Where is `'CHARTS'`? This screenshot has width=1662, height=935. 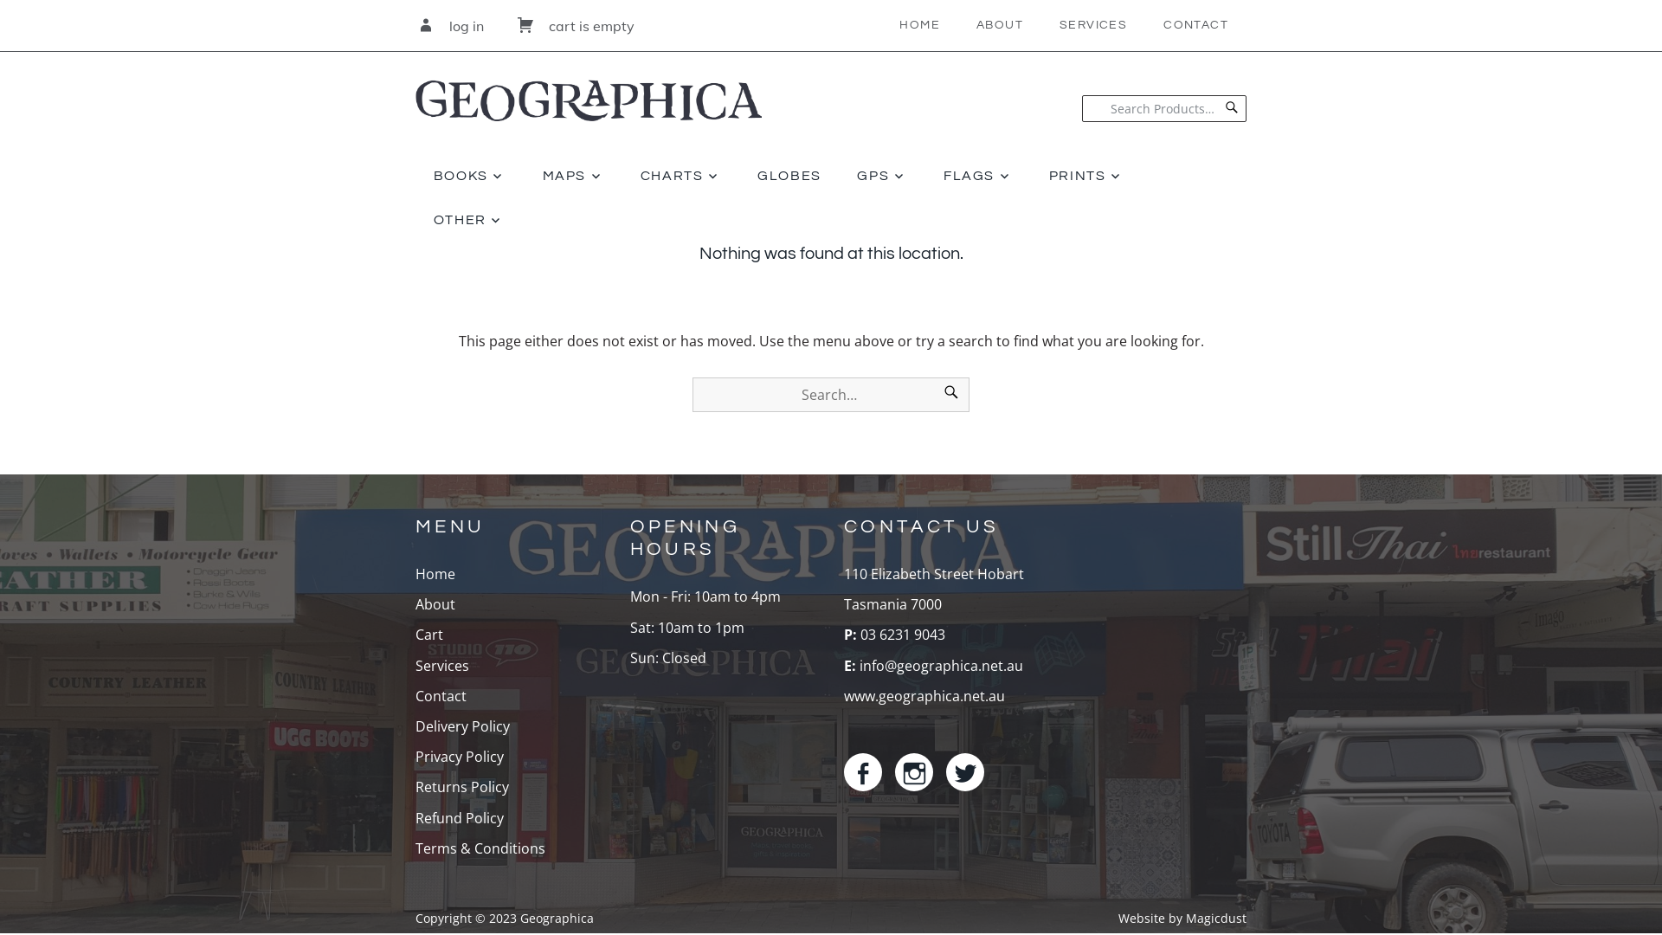
'CHARTS' is located at coordinates (622, 176).